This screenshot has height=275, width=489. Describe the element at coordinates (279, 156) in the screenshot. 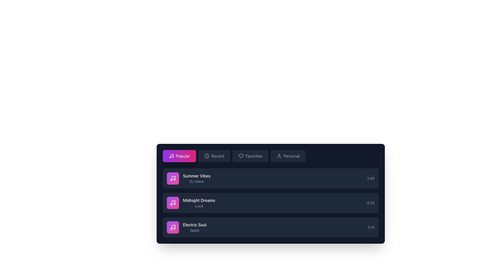

I see `the 'Personal' section icon located at the far right of the navigation bar` at that location.